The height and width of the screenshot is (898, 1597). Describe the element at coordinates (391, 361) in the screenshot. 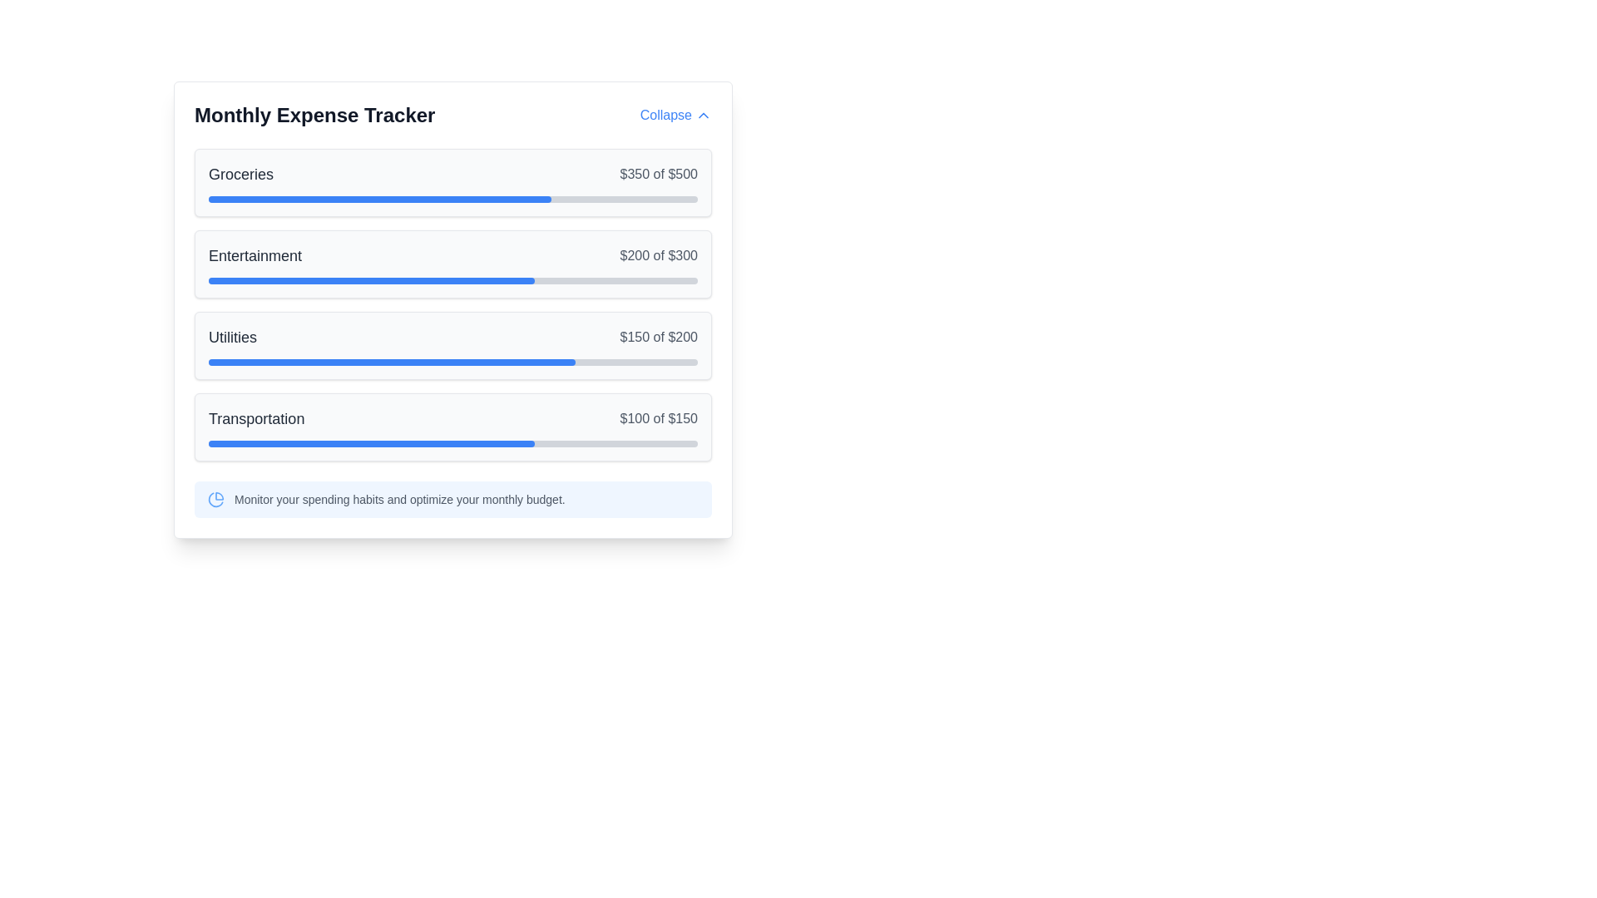

I see `the filled segment of the blue progress bar representing the 'Utilities' completion percentage, located under the 'Monthly Expense Tracker' header` at that location.